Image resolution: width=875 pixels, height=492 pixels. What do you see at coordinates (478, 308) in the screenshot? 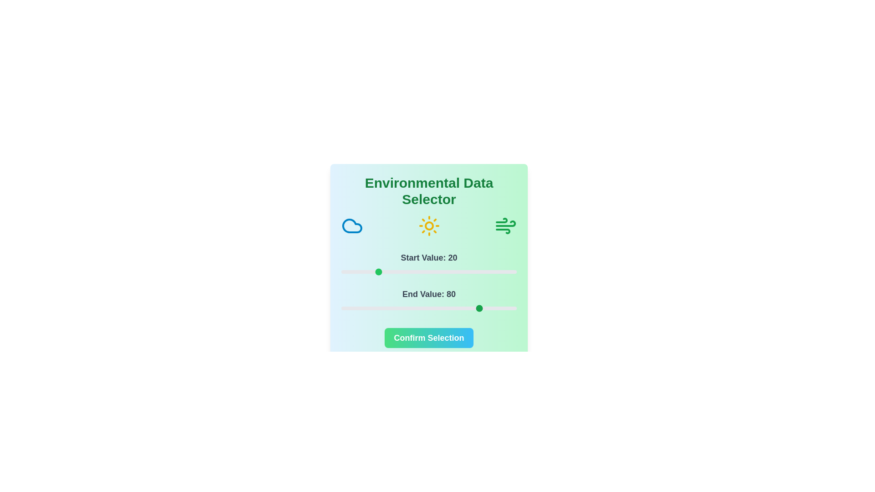
I see `the slider` at bounding box center [478, 308].